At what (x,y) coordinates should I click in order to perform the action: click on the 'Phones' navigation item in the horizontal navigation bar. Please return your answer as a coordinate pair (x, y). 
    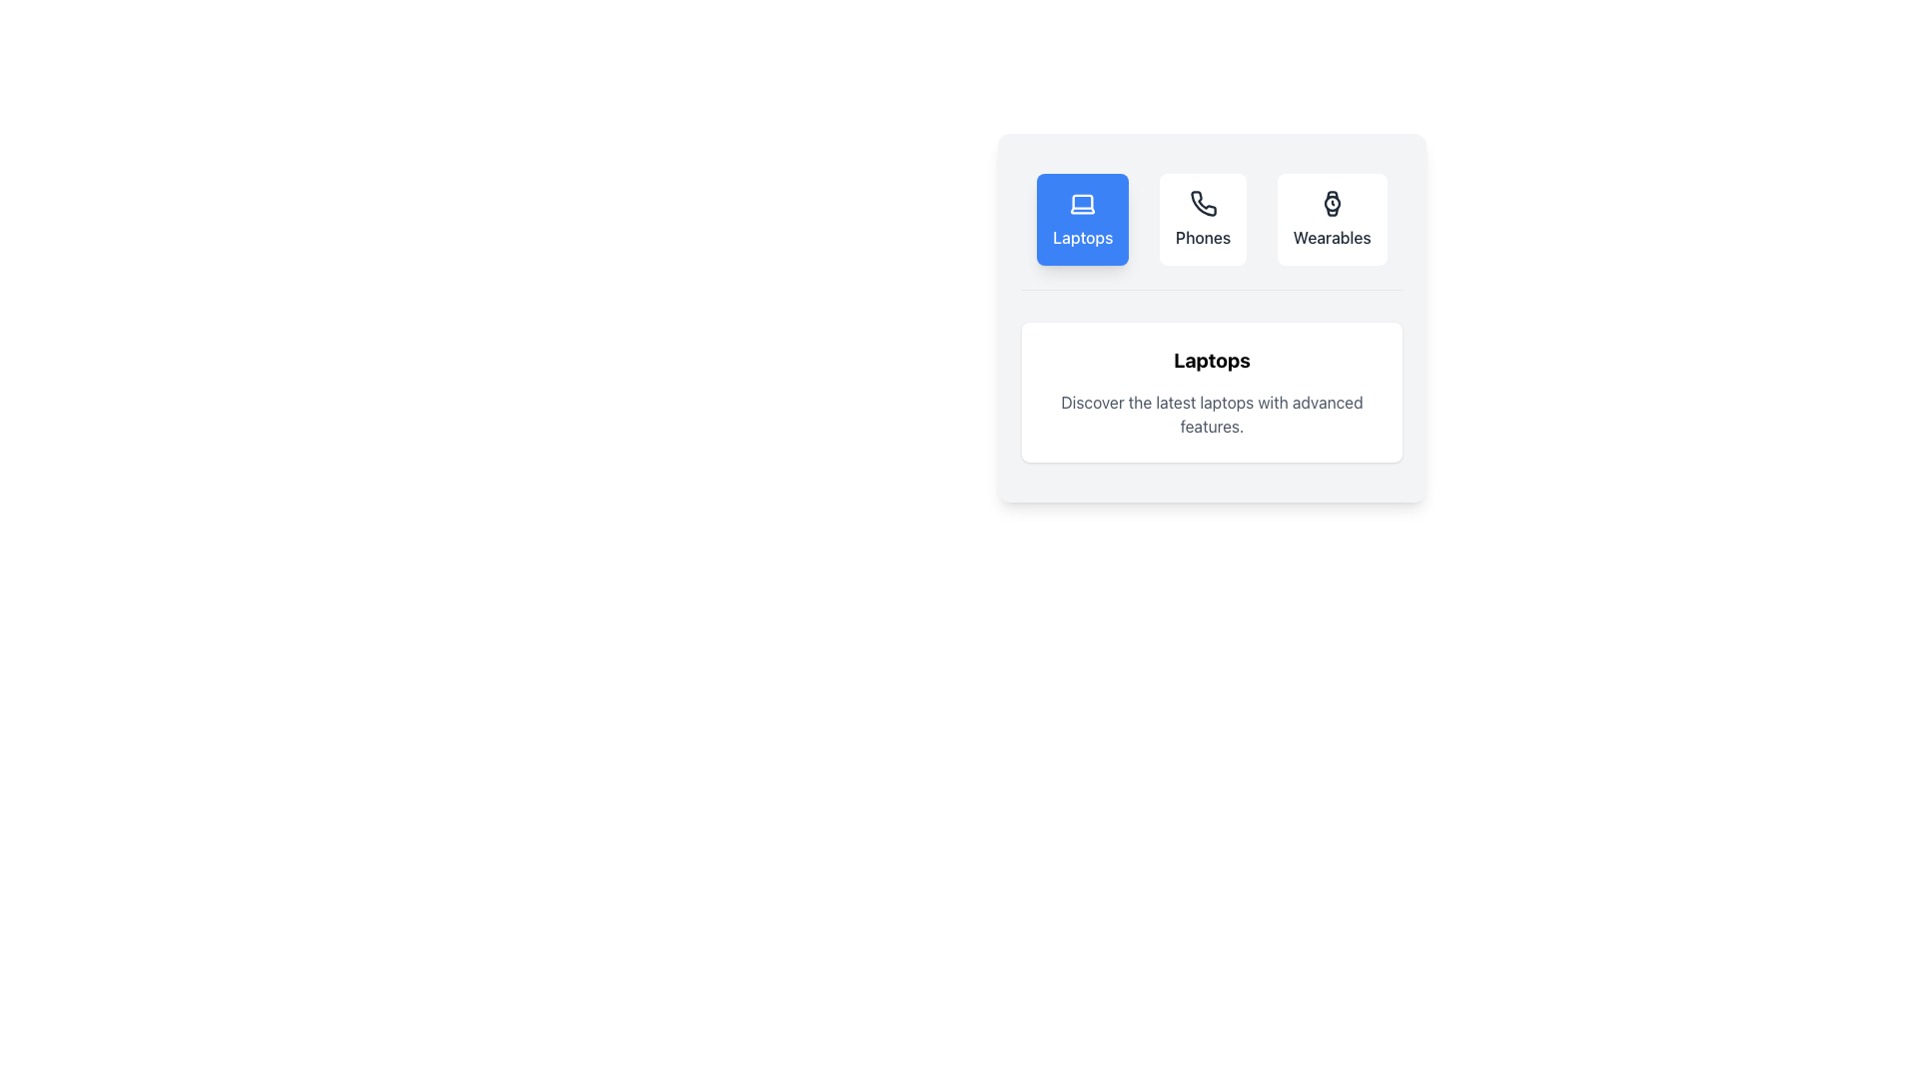
    Looking at the image, I should click on (1211, 231).